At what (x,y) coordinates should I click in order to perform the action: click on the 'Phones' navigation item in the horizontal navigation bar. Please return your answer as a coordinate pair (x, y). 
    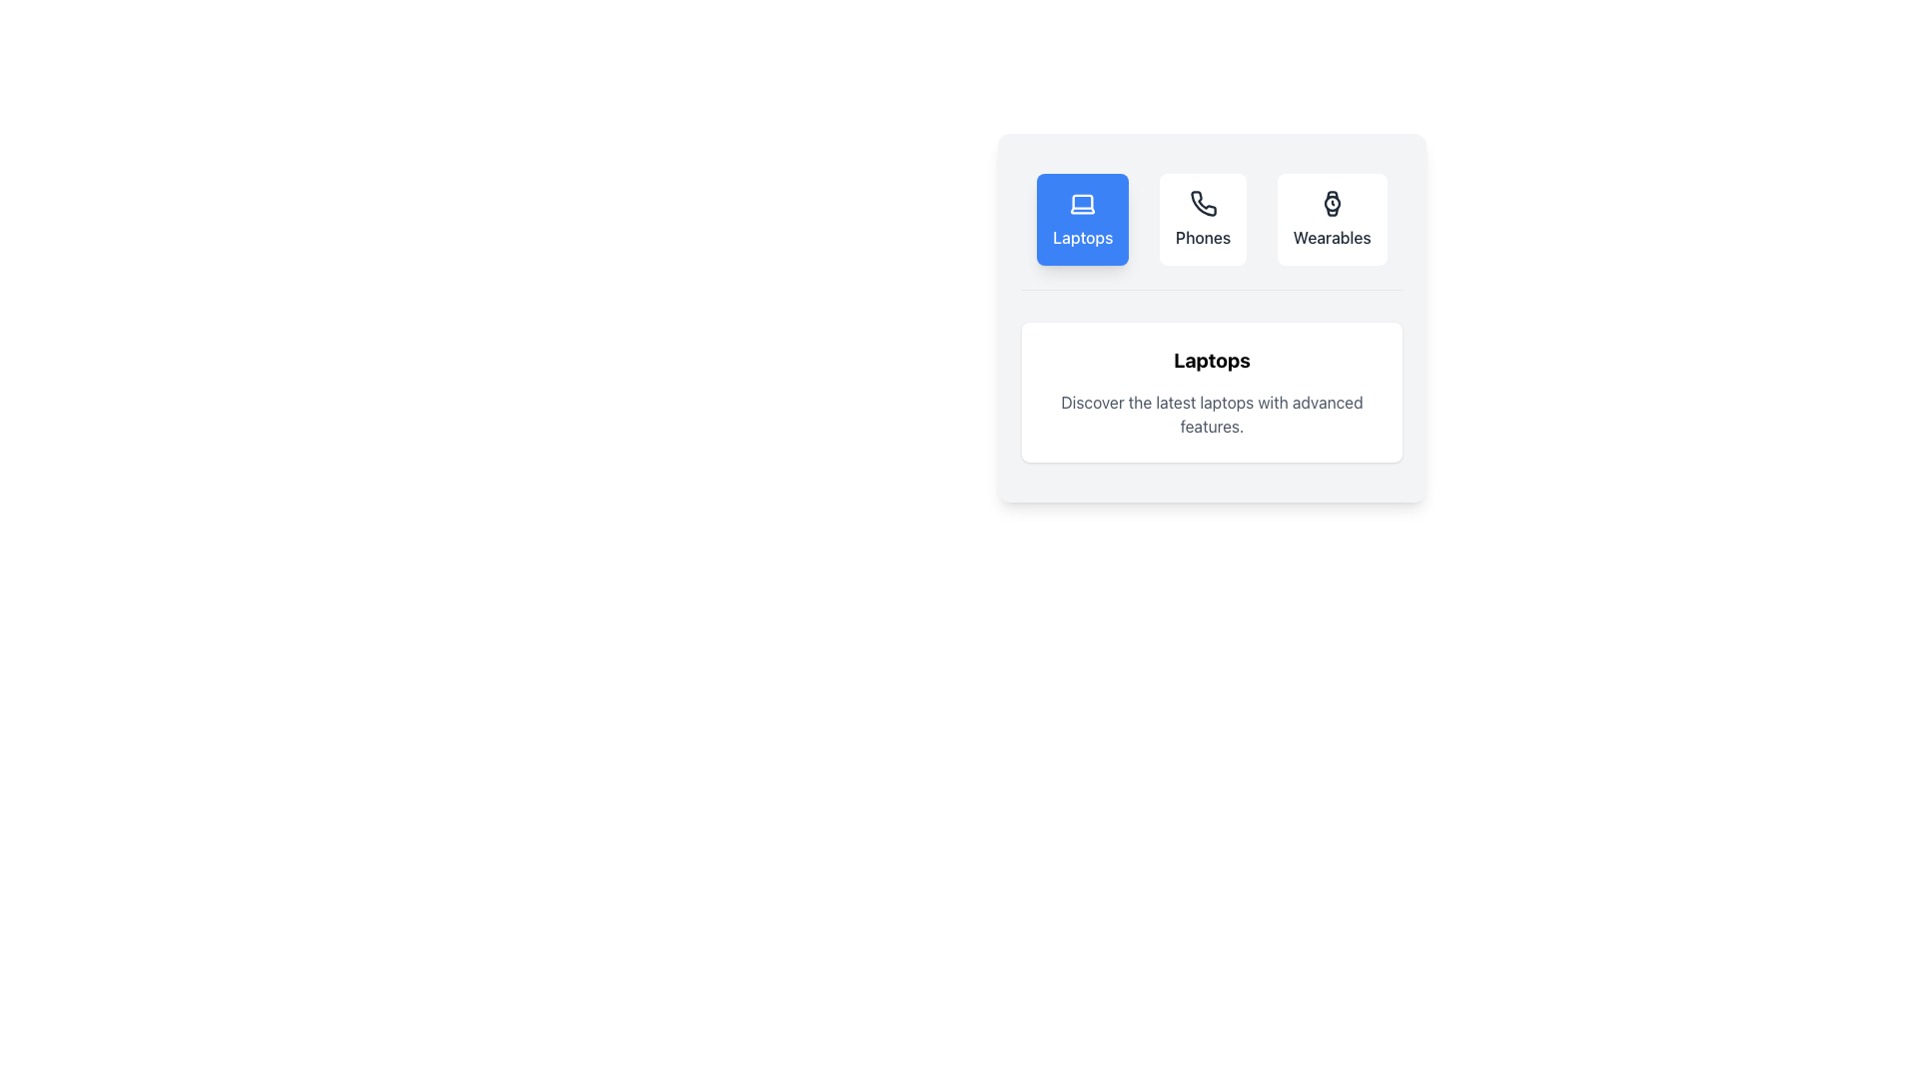
    Looking at the image, I should click on (1211, 231).